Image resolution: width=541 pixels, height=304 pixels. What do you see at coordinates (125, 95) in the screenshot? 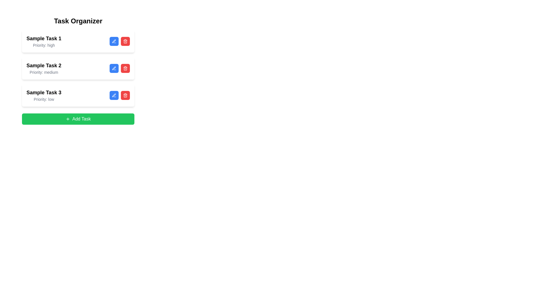
I see `the red button with a trash can icon and white text, located to the right of the second 'Sample Task' entry` at bounding box center [125, 95].